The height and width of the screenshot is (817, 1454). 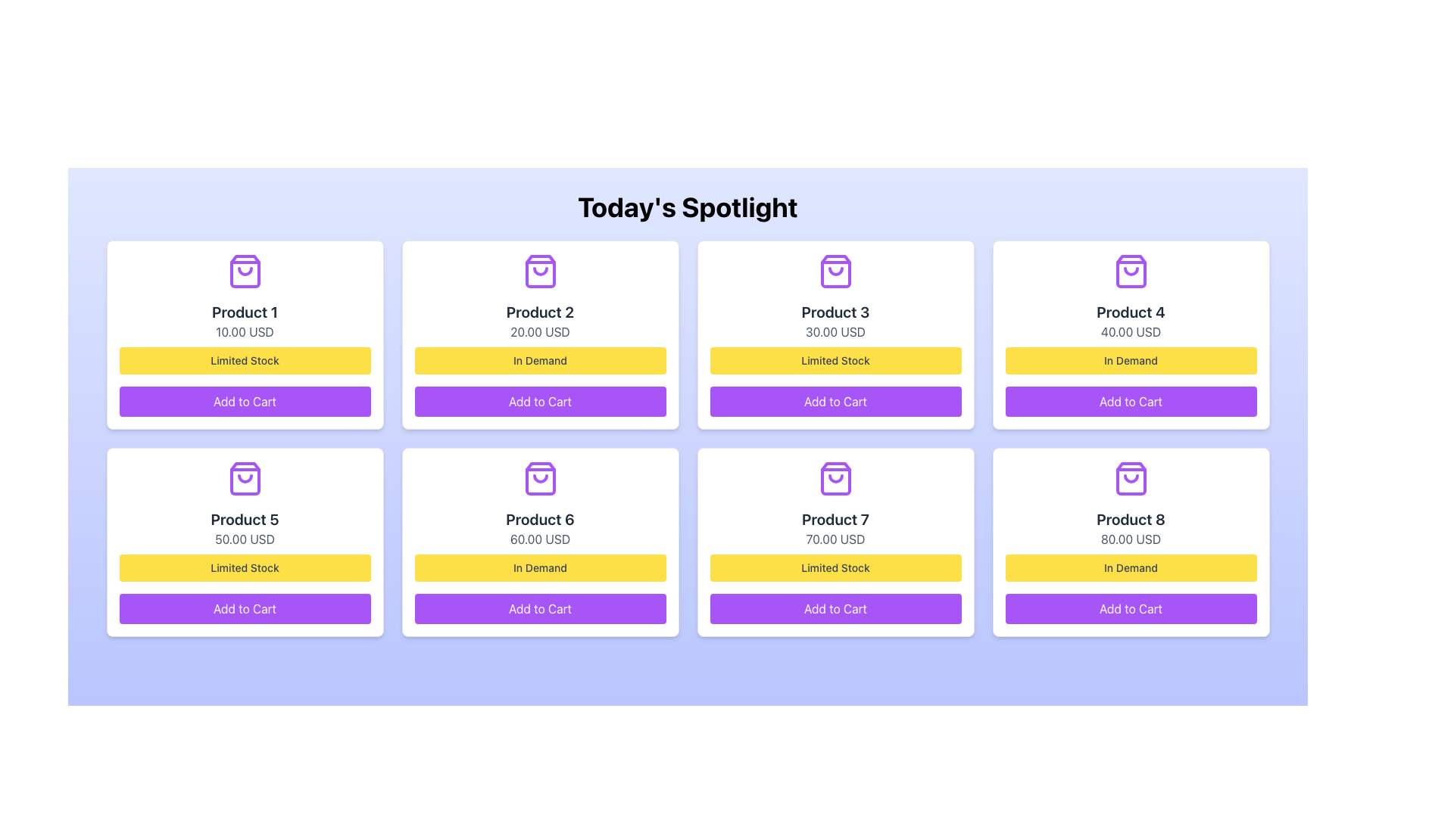 What do you see at coordinates (1131, 608) in the screenshot?
I see `the 'Add to Cart' button, which is a rounded button with white text on a purple background, located at the bottom of the card for 'Product 8'` at bounding box center [1131, 608].